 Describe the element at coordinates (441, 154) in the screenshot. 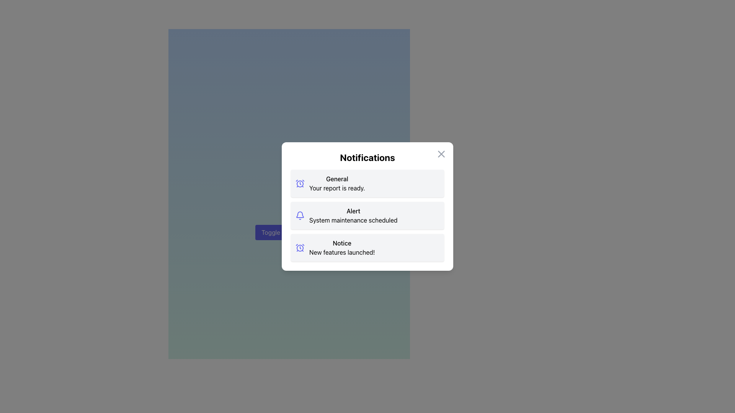

I see `the gray 'X' icon button in the top-right corner of the notification modal` at that location.